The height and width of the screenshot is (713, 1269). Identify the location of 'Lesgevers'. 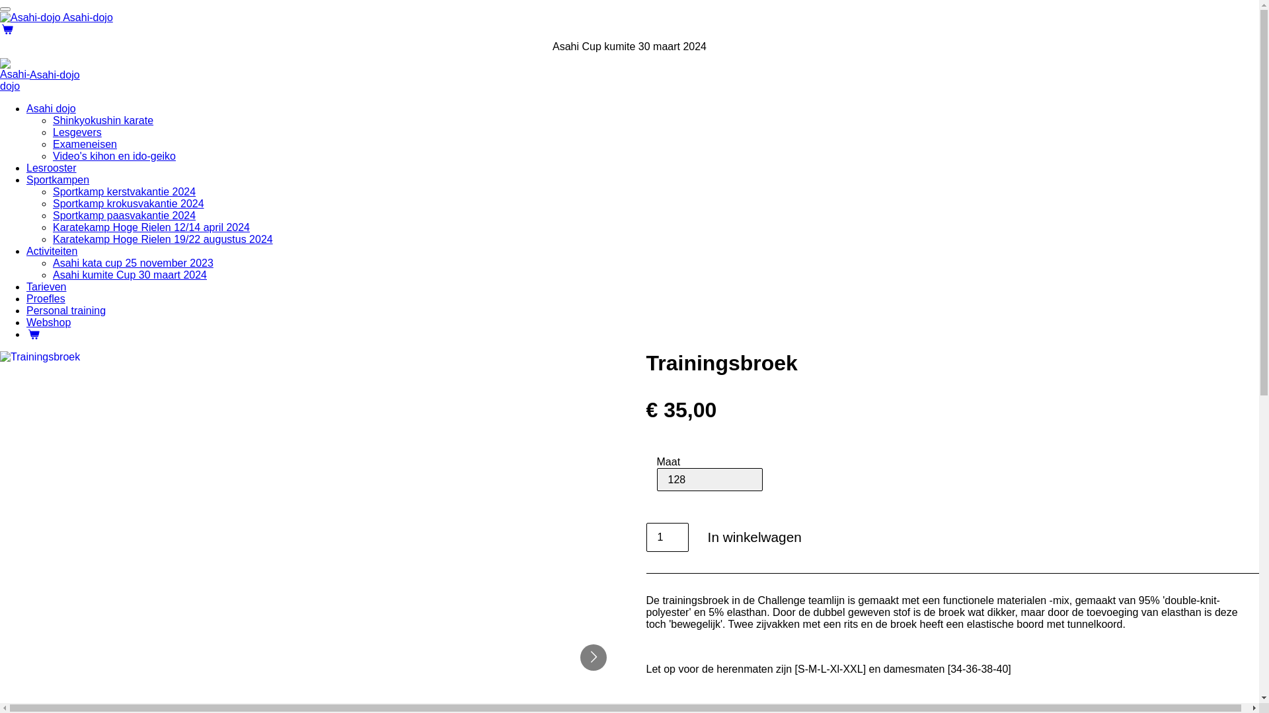
(76, 132).